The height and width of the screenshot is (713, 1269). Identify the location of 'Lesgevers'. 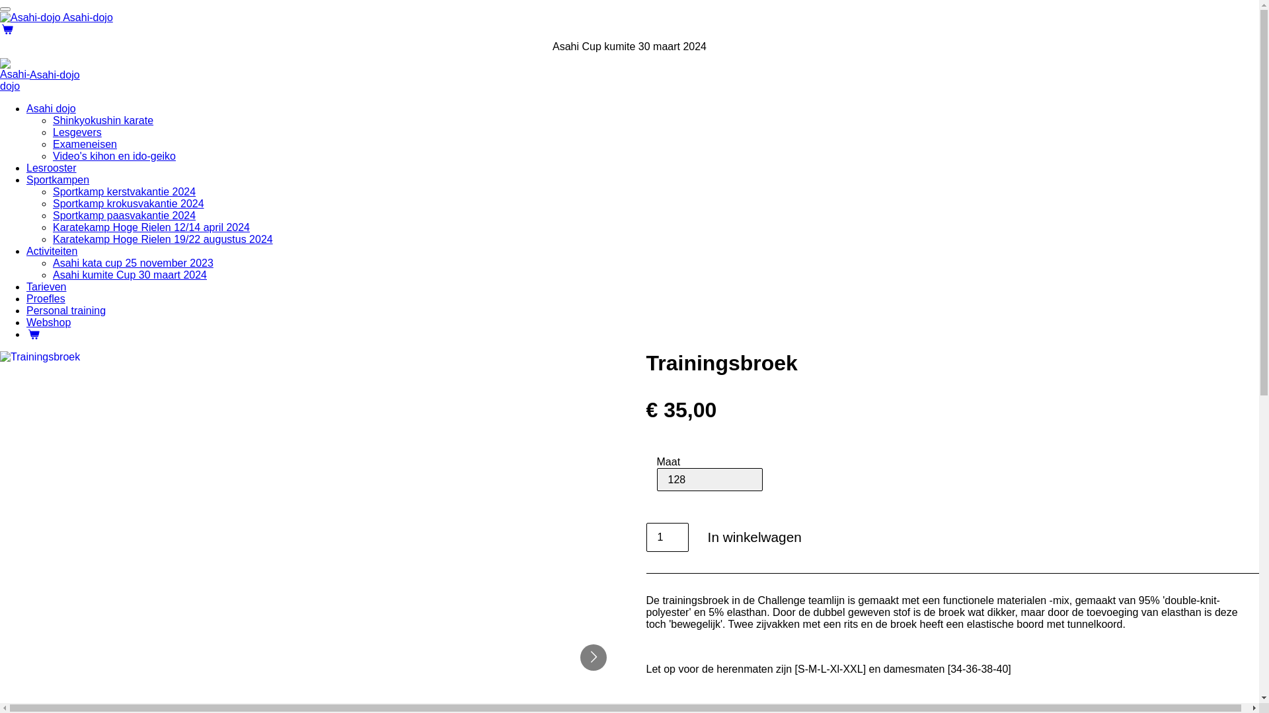
(76, 132).